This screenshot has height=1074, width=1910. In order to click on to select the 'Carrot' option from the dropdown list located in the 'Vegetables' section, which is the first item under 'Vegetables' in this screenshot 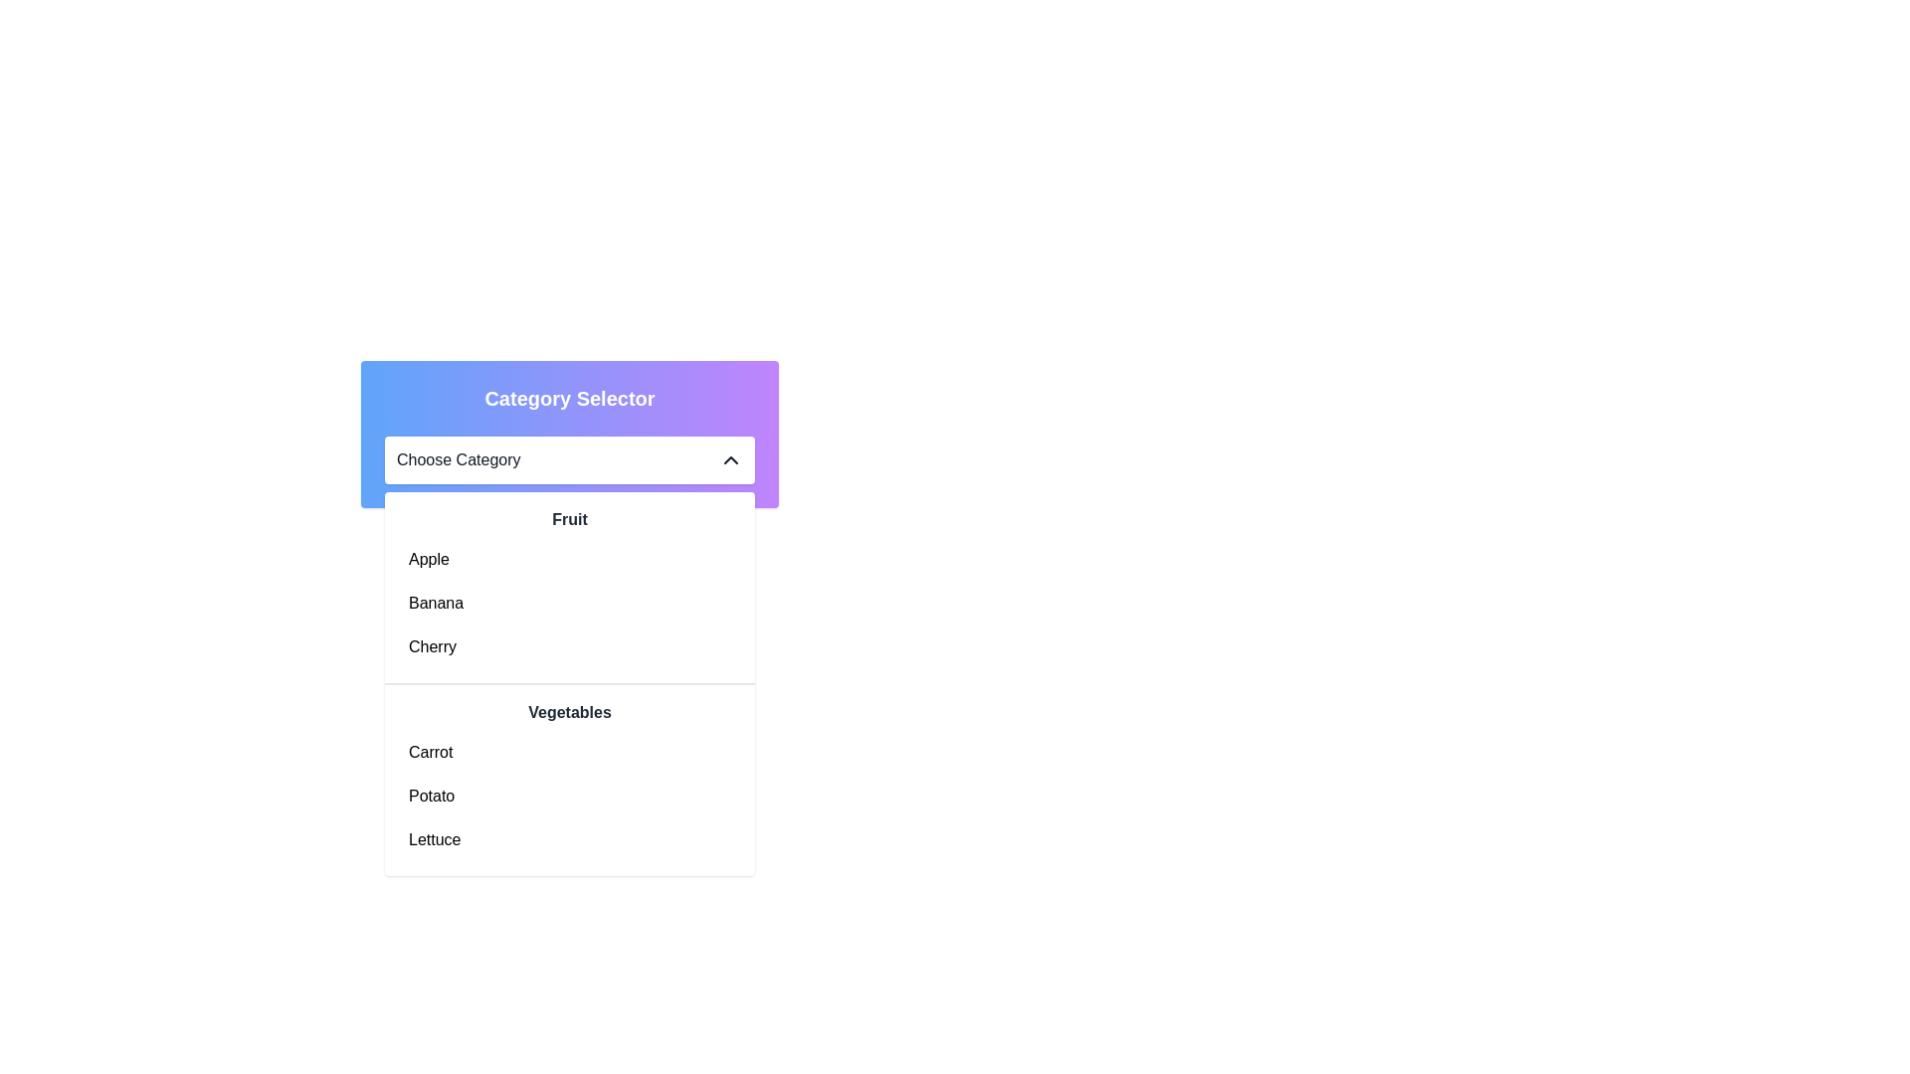, I will do `click(568, 752)`.